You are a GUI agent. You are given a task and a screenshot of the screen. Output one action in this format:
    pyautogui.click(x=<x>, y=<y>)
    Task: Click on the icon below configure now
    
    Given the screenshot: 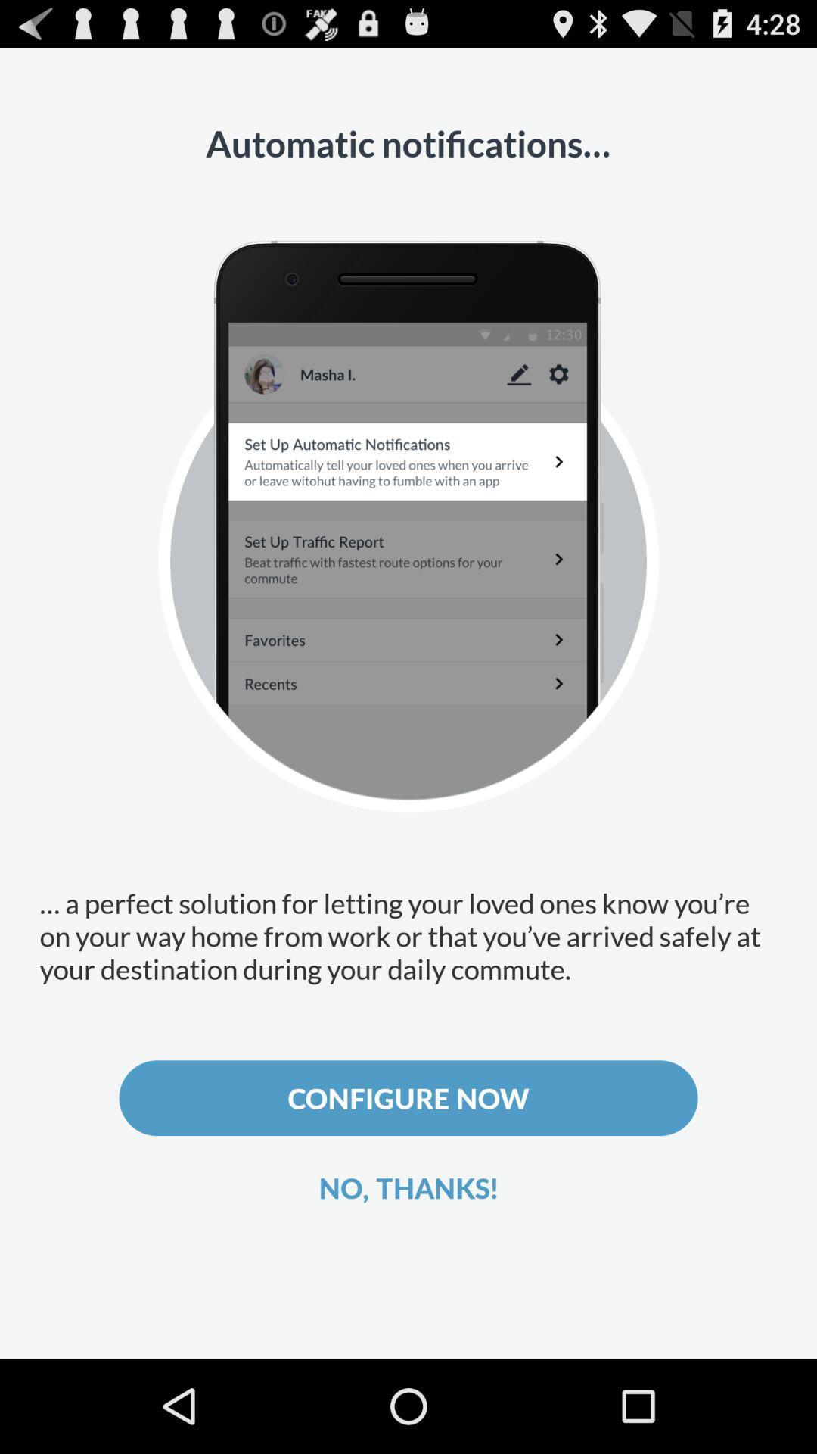 What is the action you would take?
    pyautogui.click(x=408, y=1187)
    